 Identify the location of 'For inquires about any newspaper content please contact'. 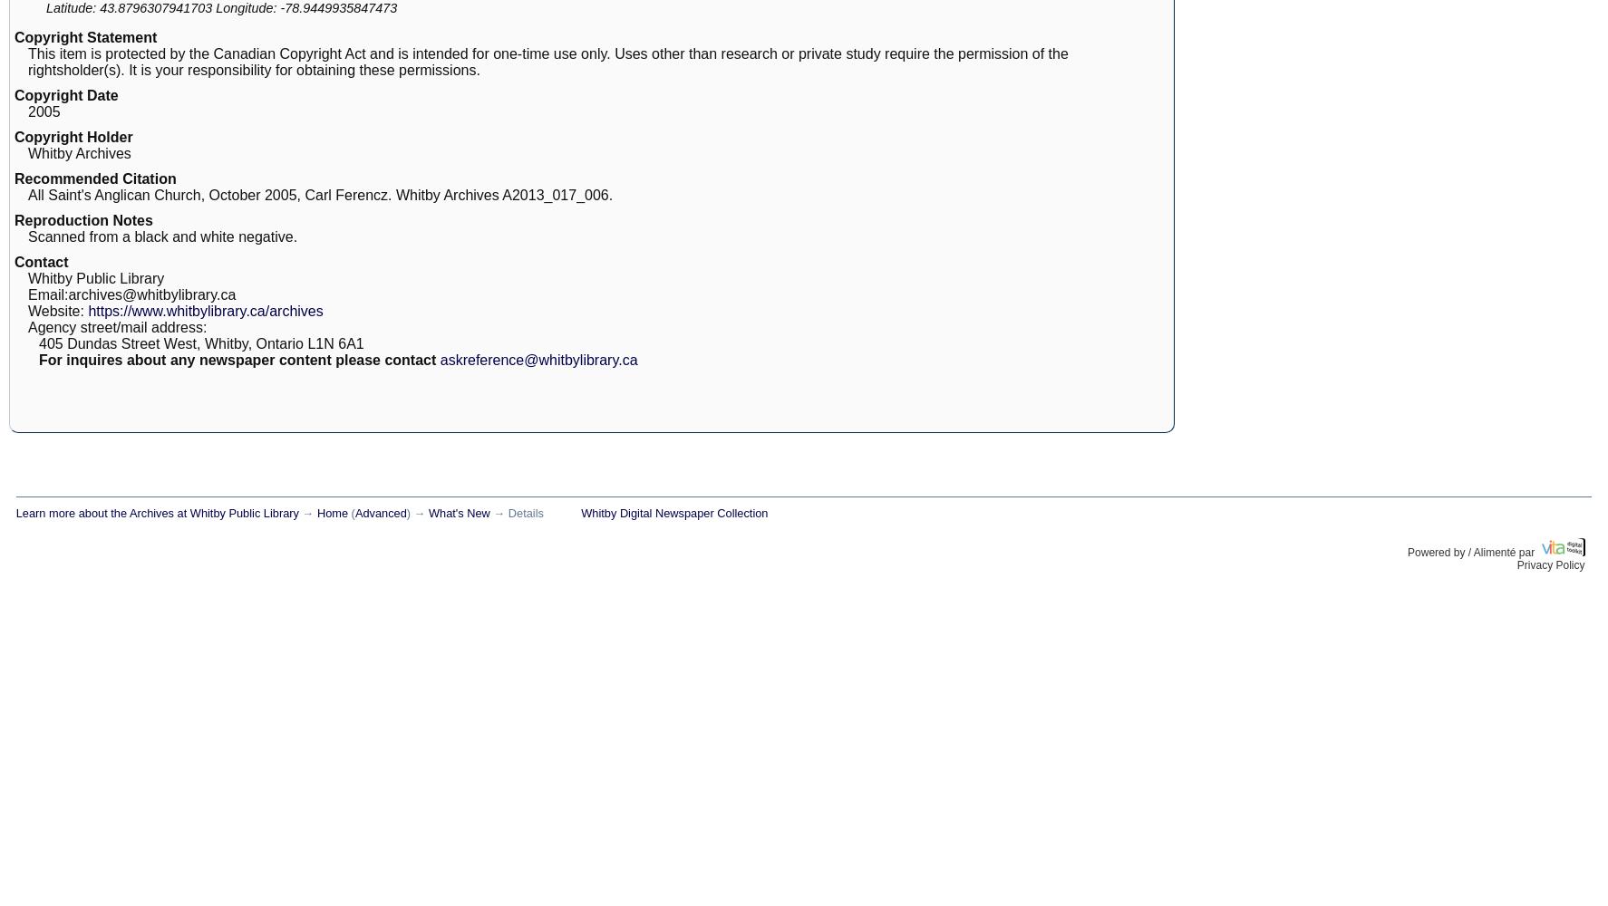
(237, 360).